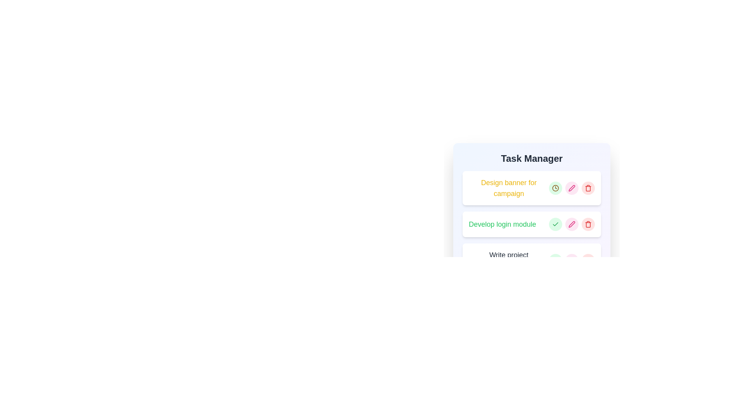 The width and height of the screenshot is (747, 420). Describe the element at coordinates (588, 224) in the screenshot. I see `the right-most deletion button in the action row of the second task in the task management interface` at that location.